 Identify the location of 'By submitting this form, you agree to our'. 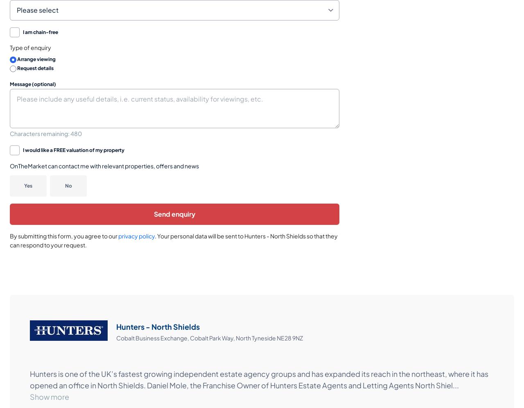
(63, 235).